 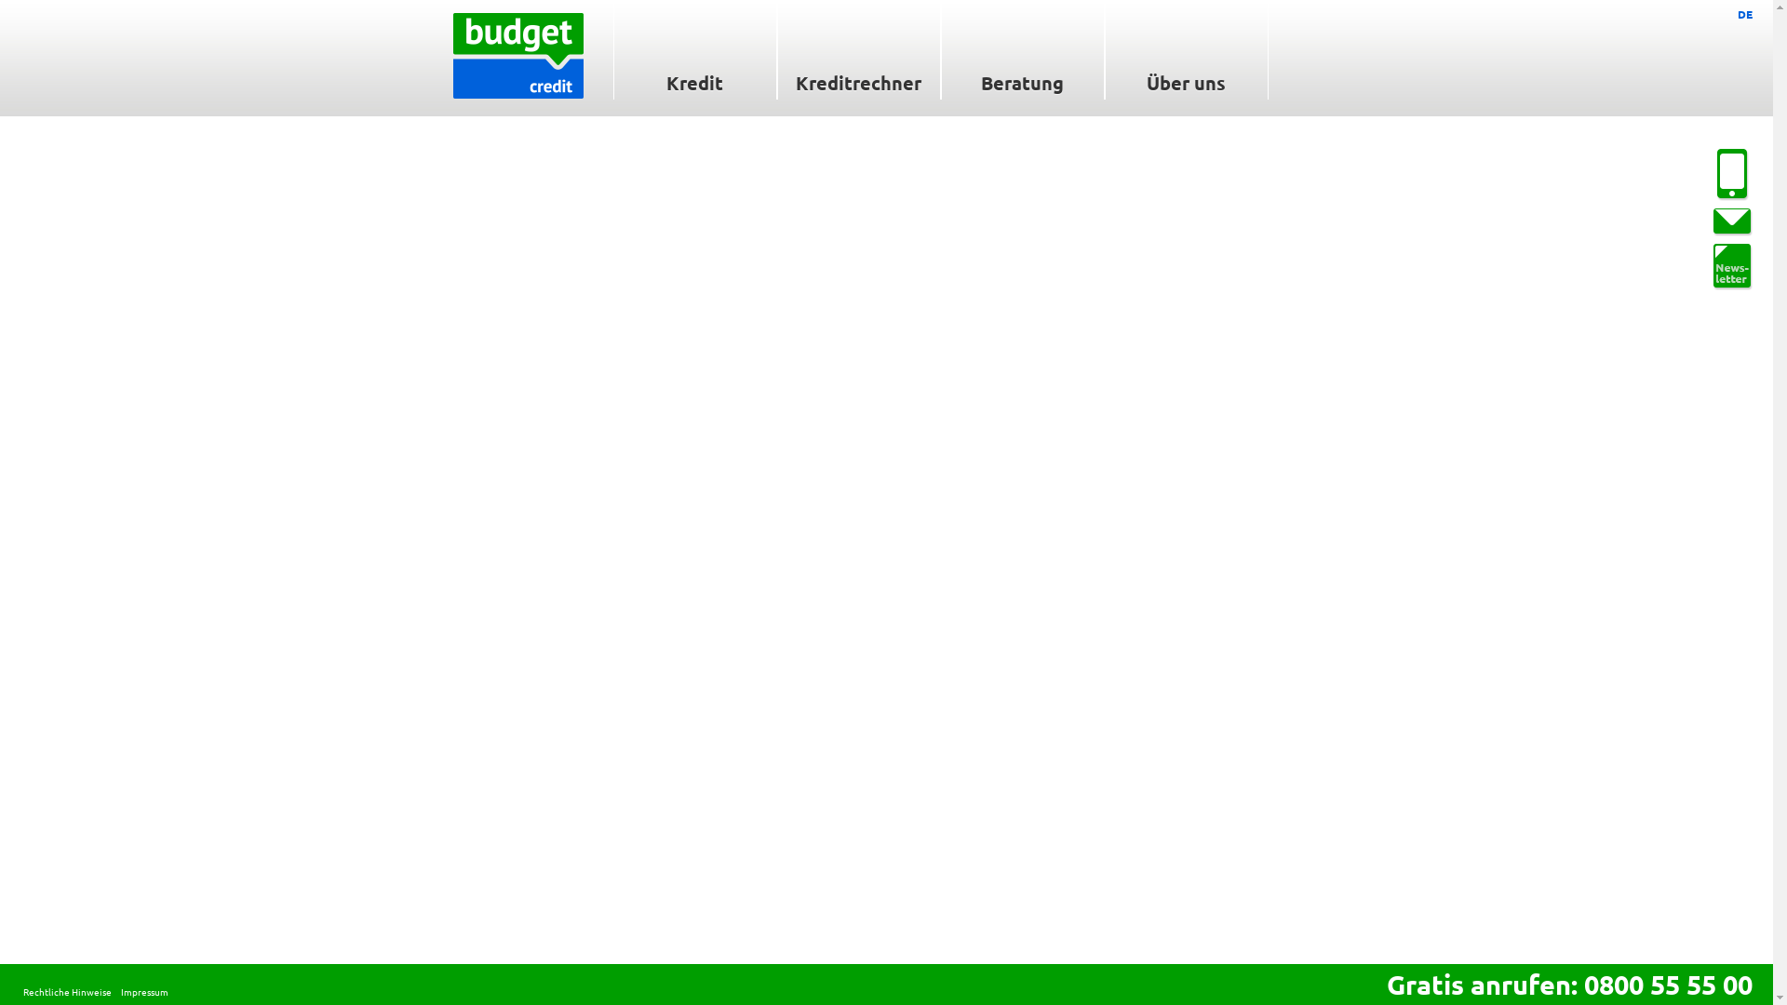 What do you see at coordinates (692, 48) in the screenshot?
I see `'Kredit'` at bounding box center [692, 48].